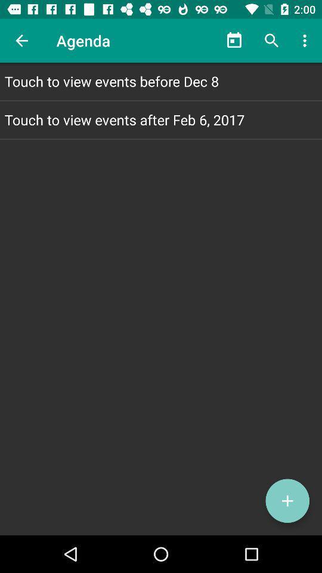  What do you see at coordinates (306, 41) in the screenshot?
I see `the icon above touch to view item` at bounding box center [306, 41].